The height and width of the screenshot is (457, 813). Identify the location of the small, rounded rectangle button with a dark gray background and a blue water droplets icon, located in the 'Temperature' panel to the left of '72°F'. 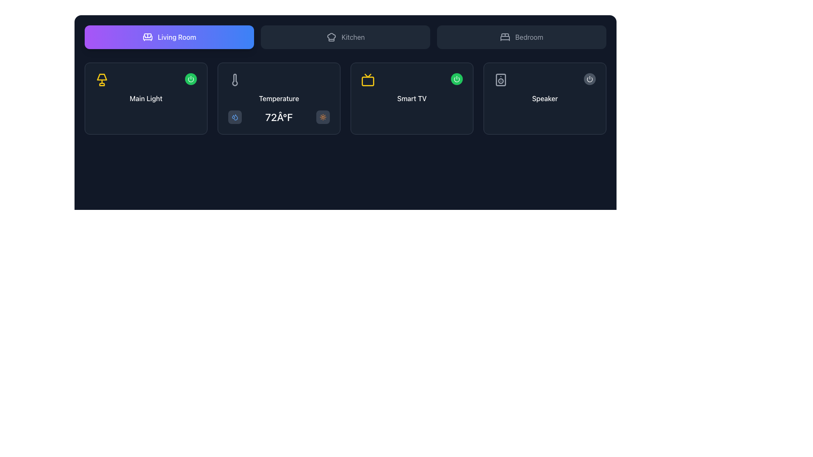
(235, 117).